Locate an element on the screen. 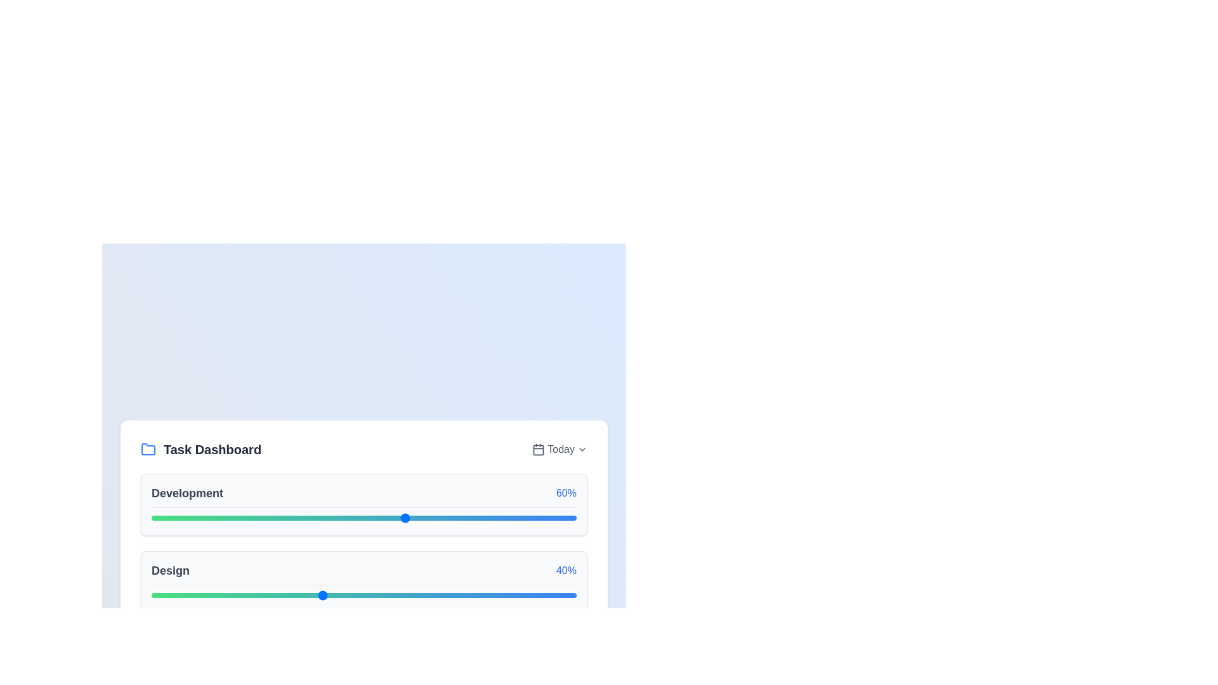 The width and height of the screenshot is (1218, 685). the development progress is located at coordinates (308, 518).